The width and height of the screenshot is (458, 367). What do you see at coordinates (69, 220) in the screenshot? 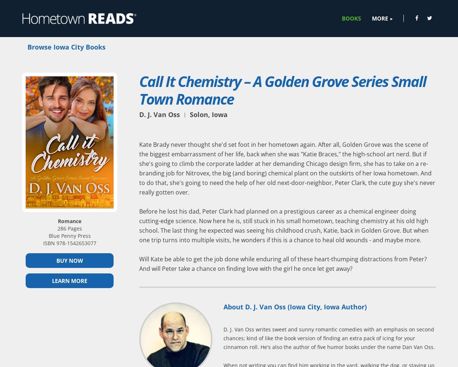
I see `'Romance'` at bounding box center [69, 220].